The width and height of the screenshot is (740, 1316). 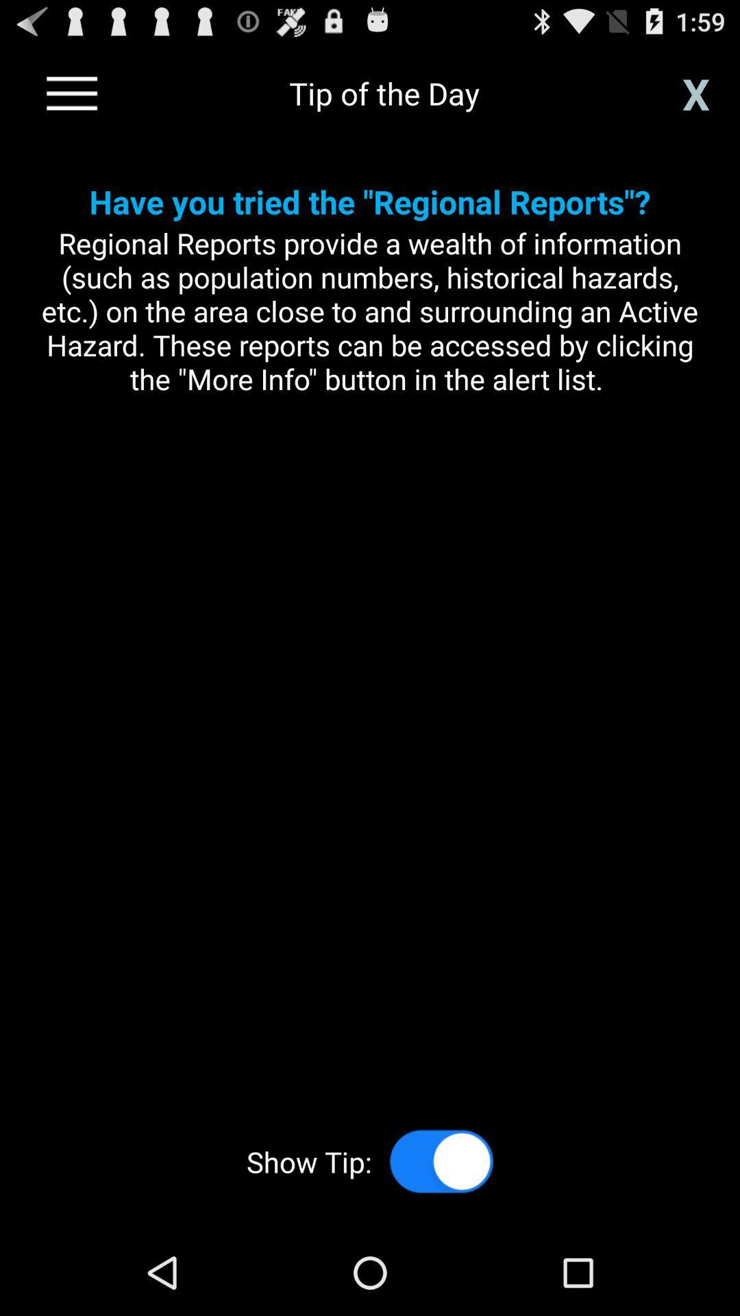 What do you see at coordinates (441, 1160) in the screenshot?
I see `disable tips` at bounding box center [441, 1160].